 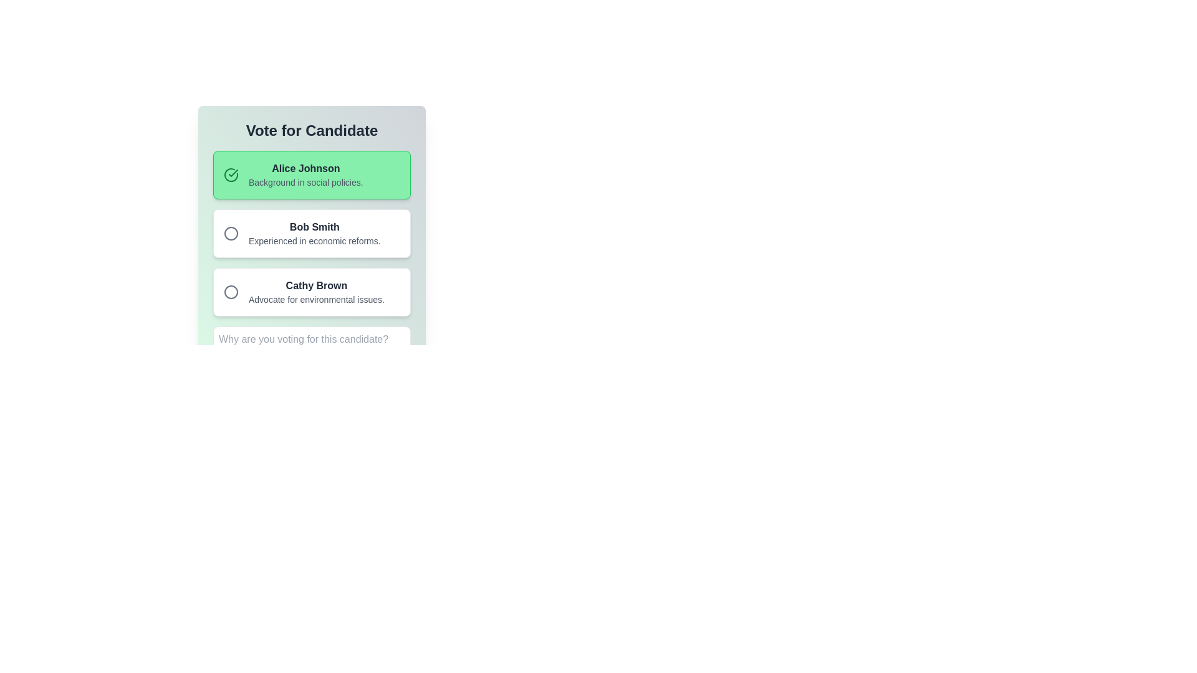 What do you see at coordinates (312, 233) in the screenshot?
I see `the selectable card featuring 'Bob Smith' with a radio button, located in the middle of a vertical stack of similar cards` at bounding box center [312, 233].